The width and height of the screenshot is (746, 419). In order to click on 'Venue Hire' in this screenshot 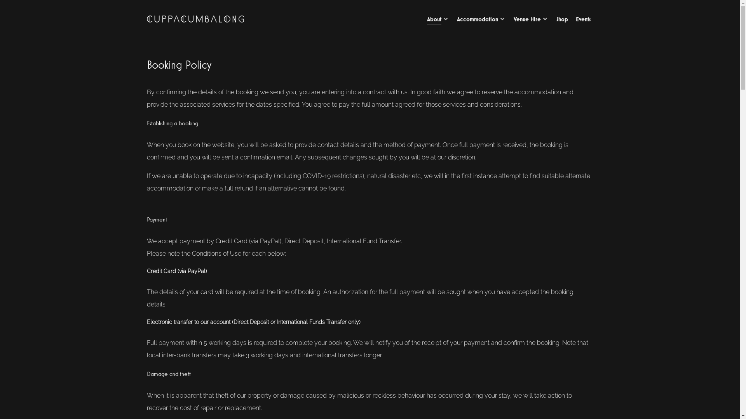, I will do `click(531, 19)`.